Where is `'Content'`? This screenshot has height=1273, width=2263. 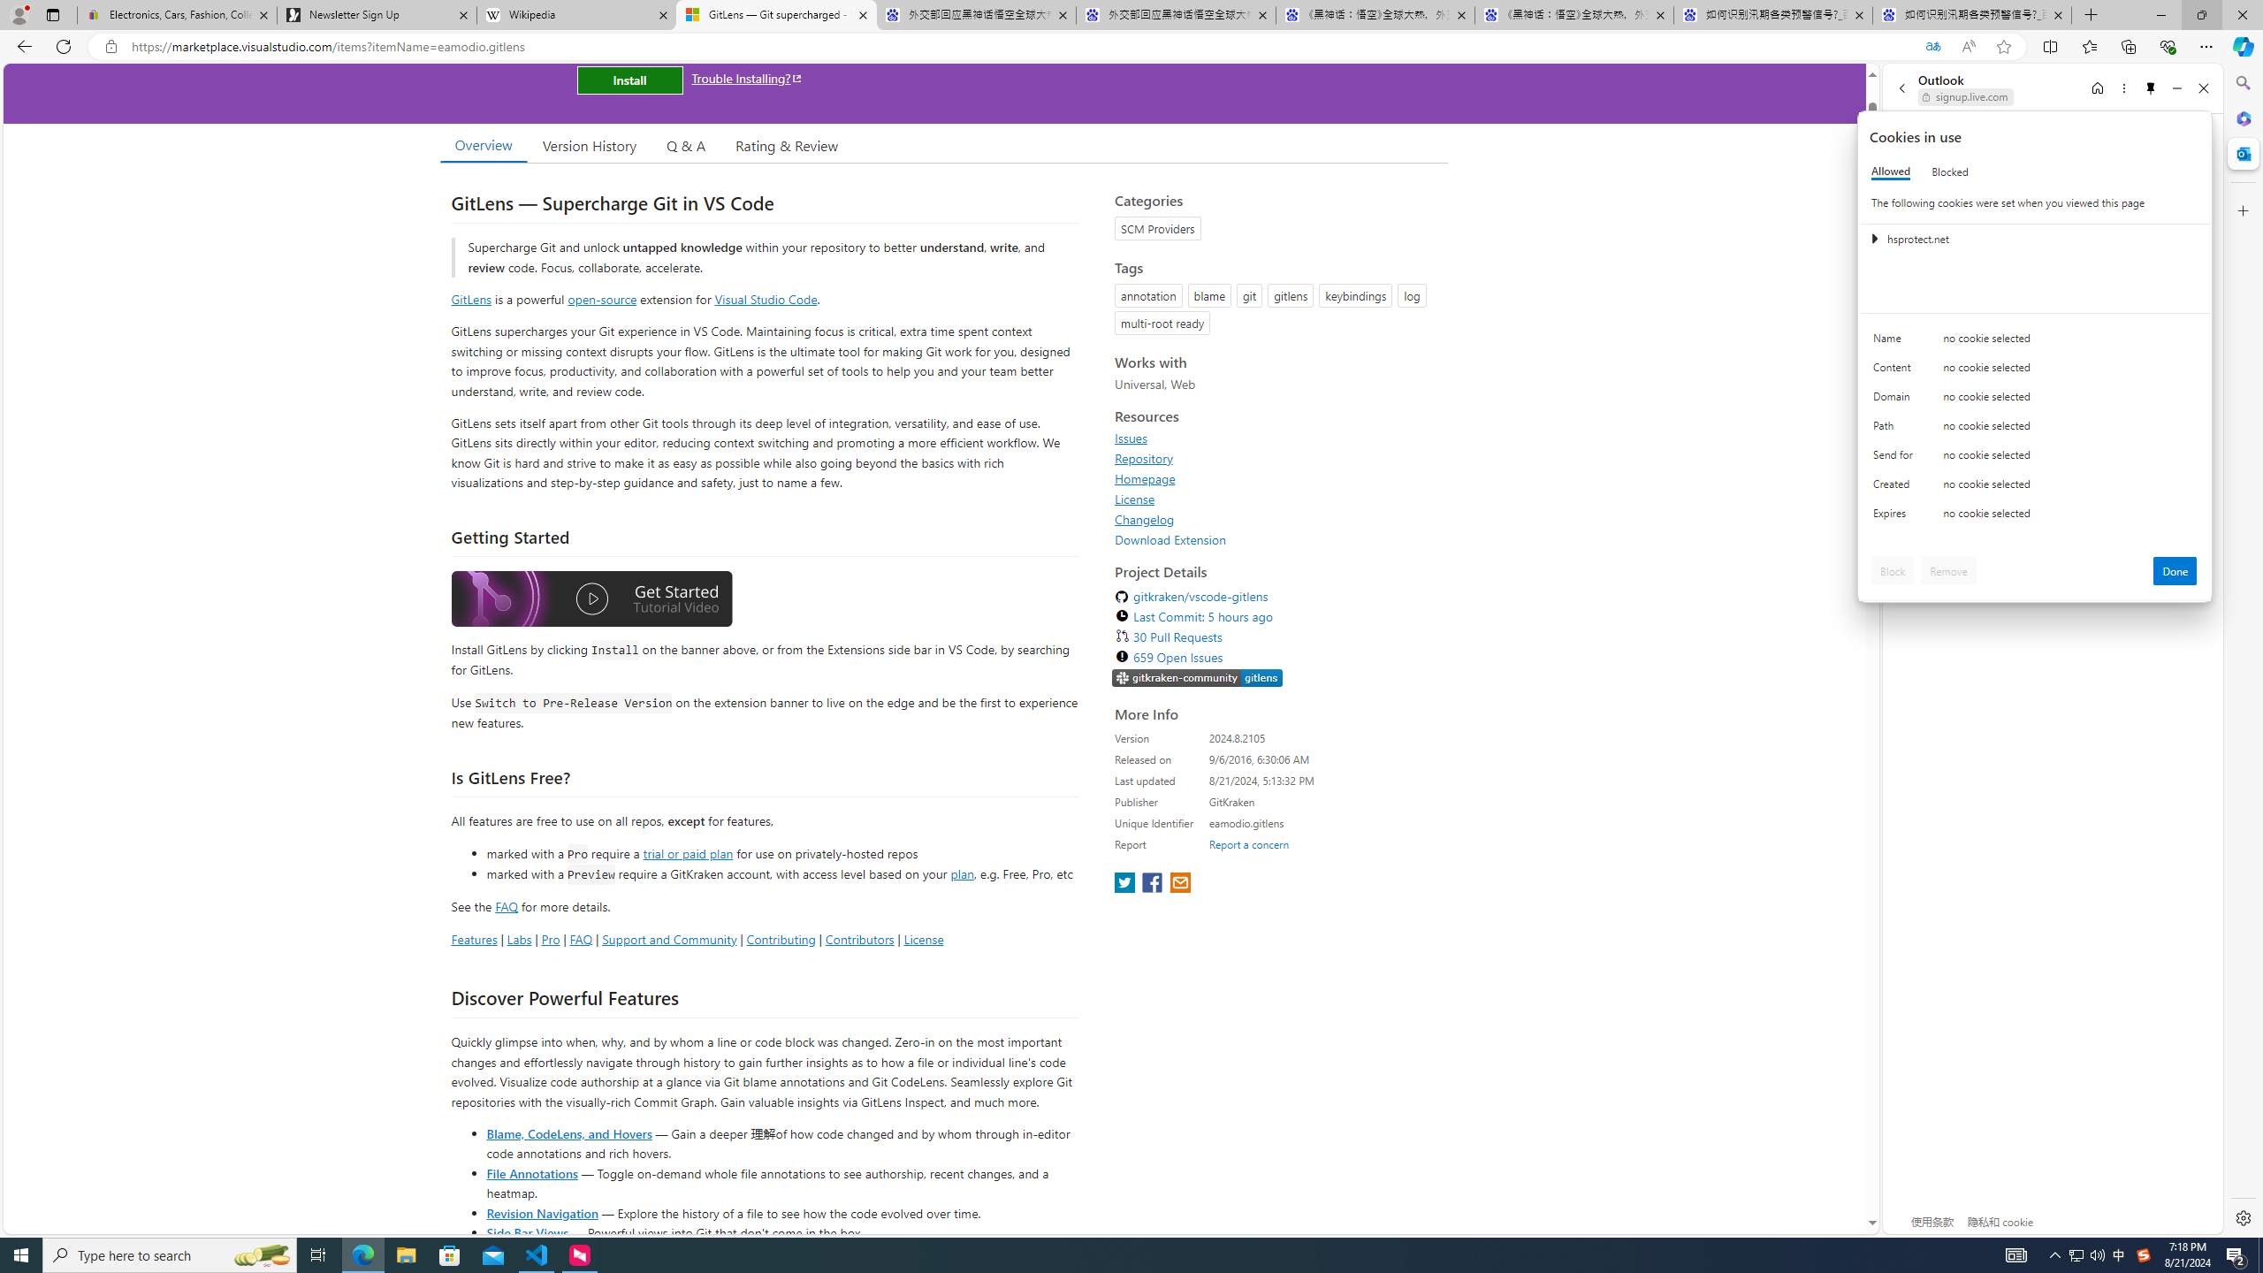 'Content' is located at coordinates (1895, 371).